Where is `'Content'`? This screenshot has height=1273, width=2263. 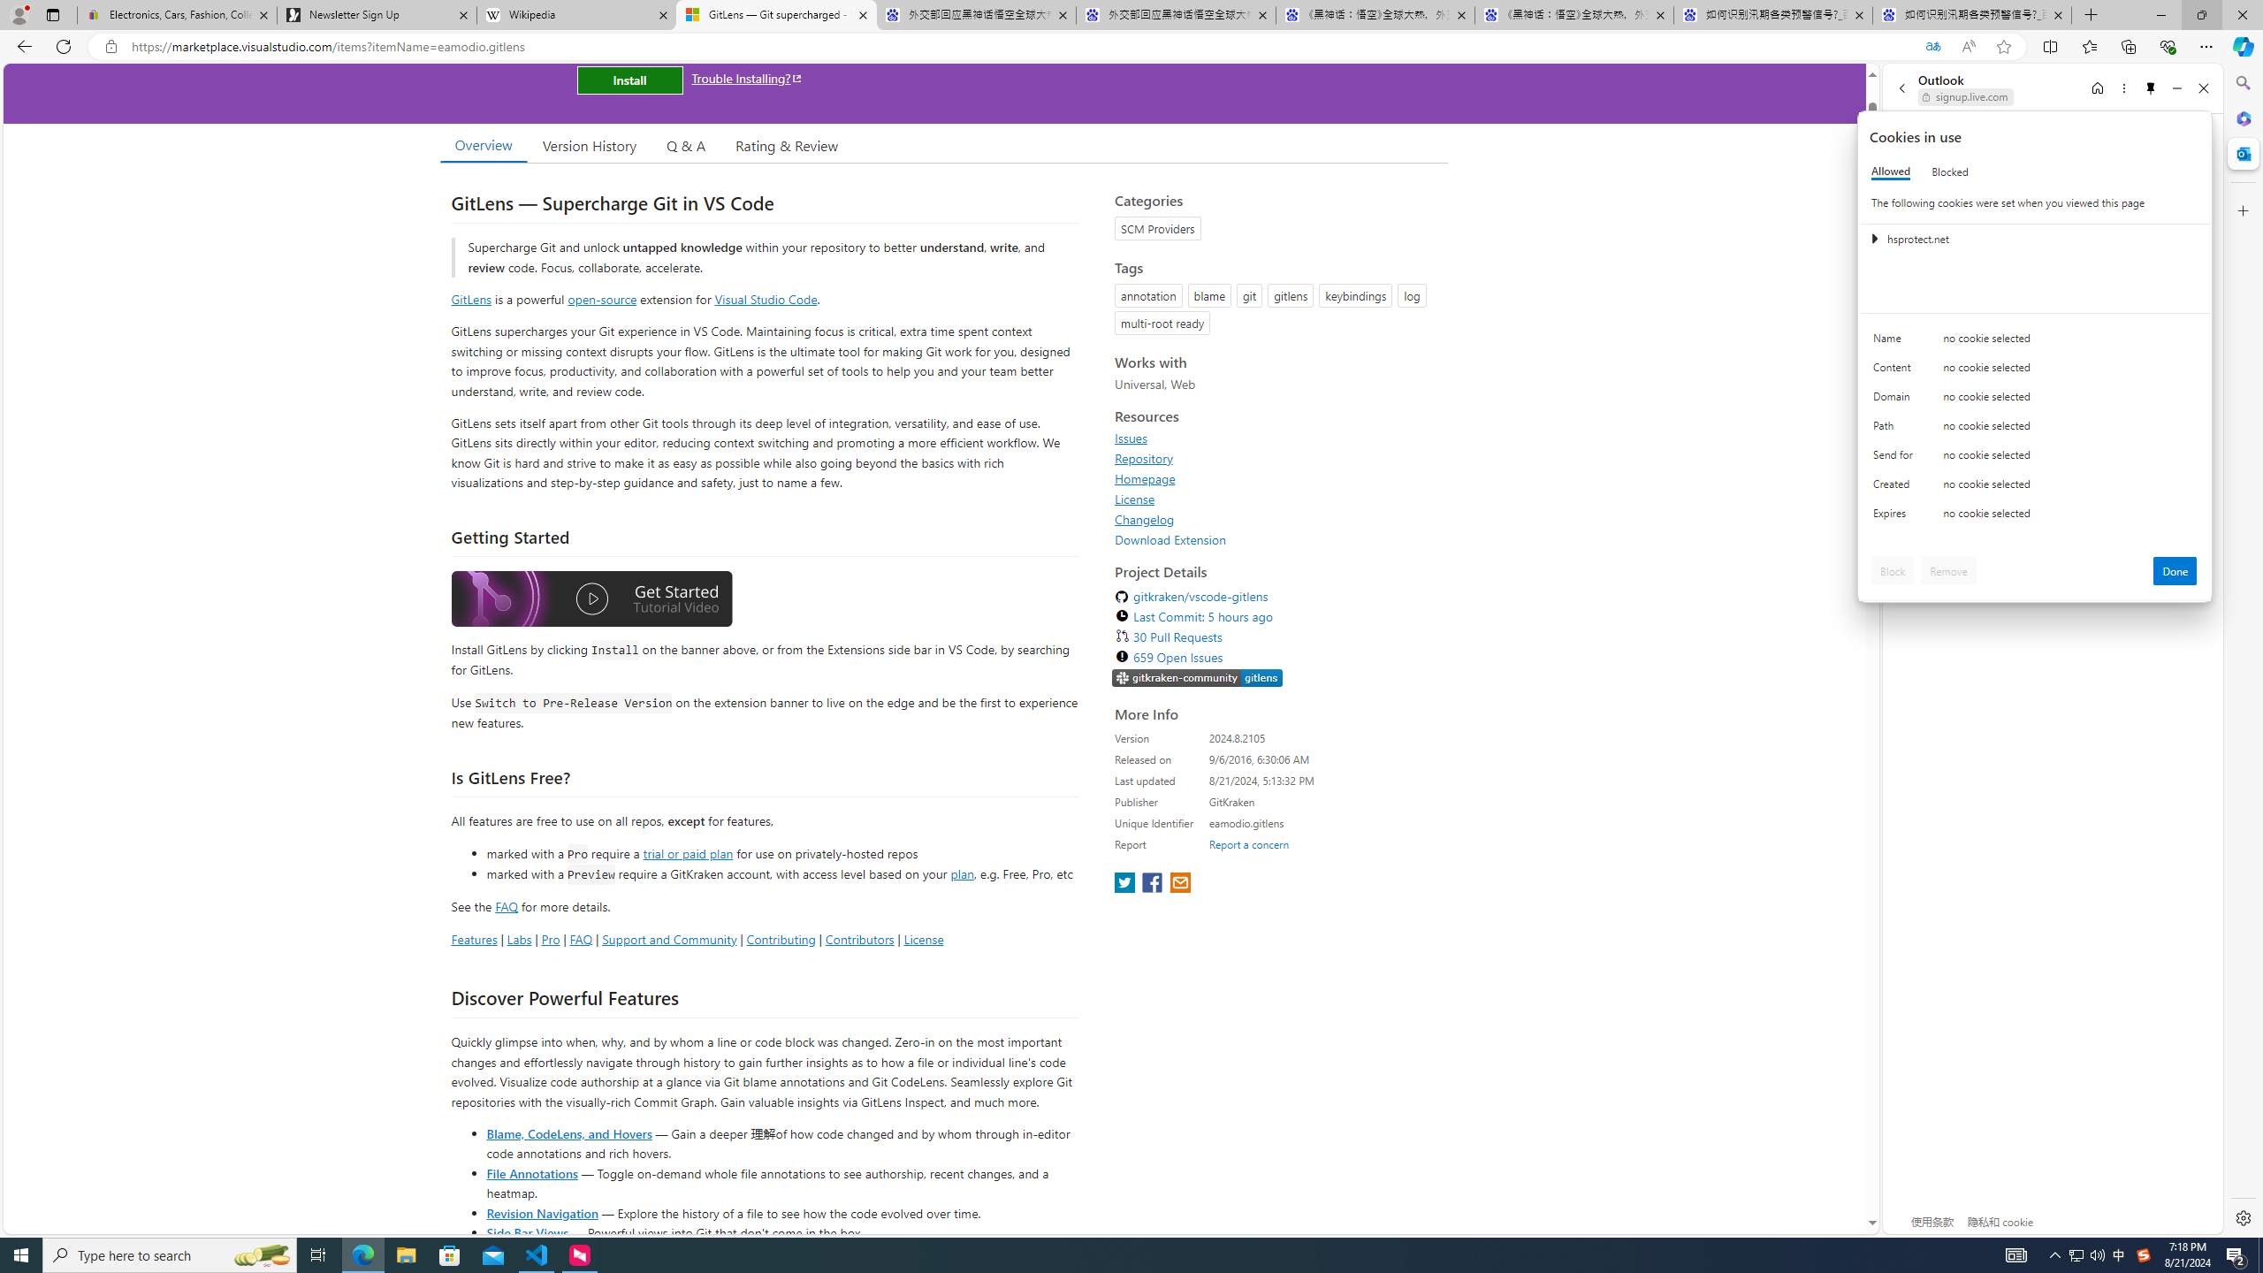 'Content' is located at coordinates (1895, 371).